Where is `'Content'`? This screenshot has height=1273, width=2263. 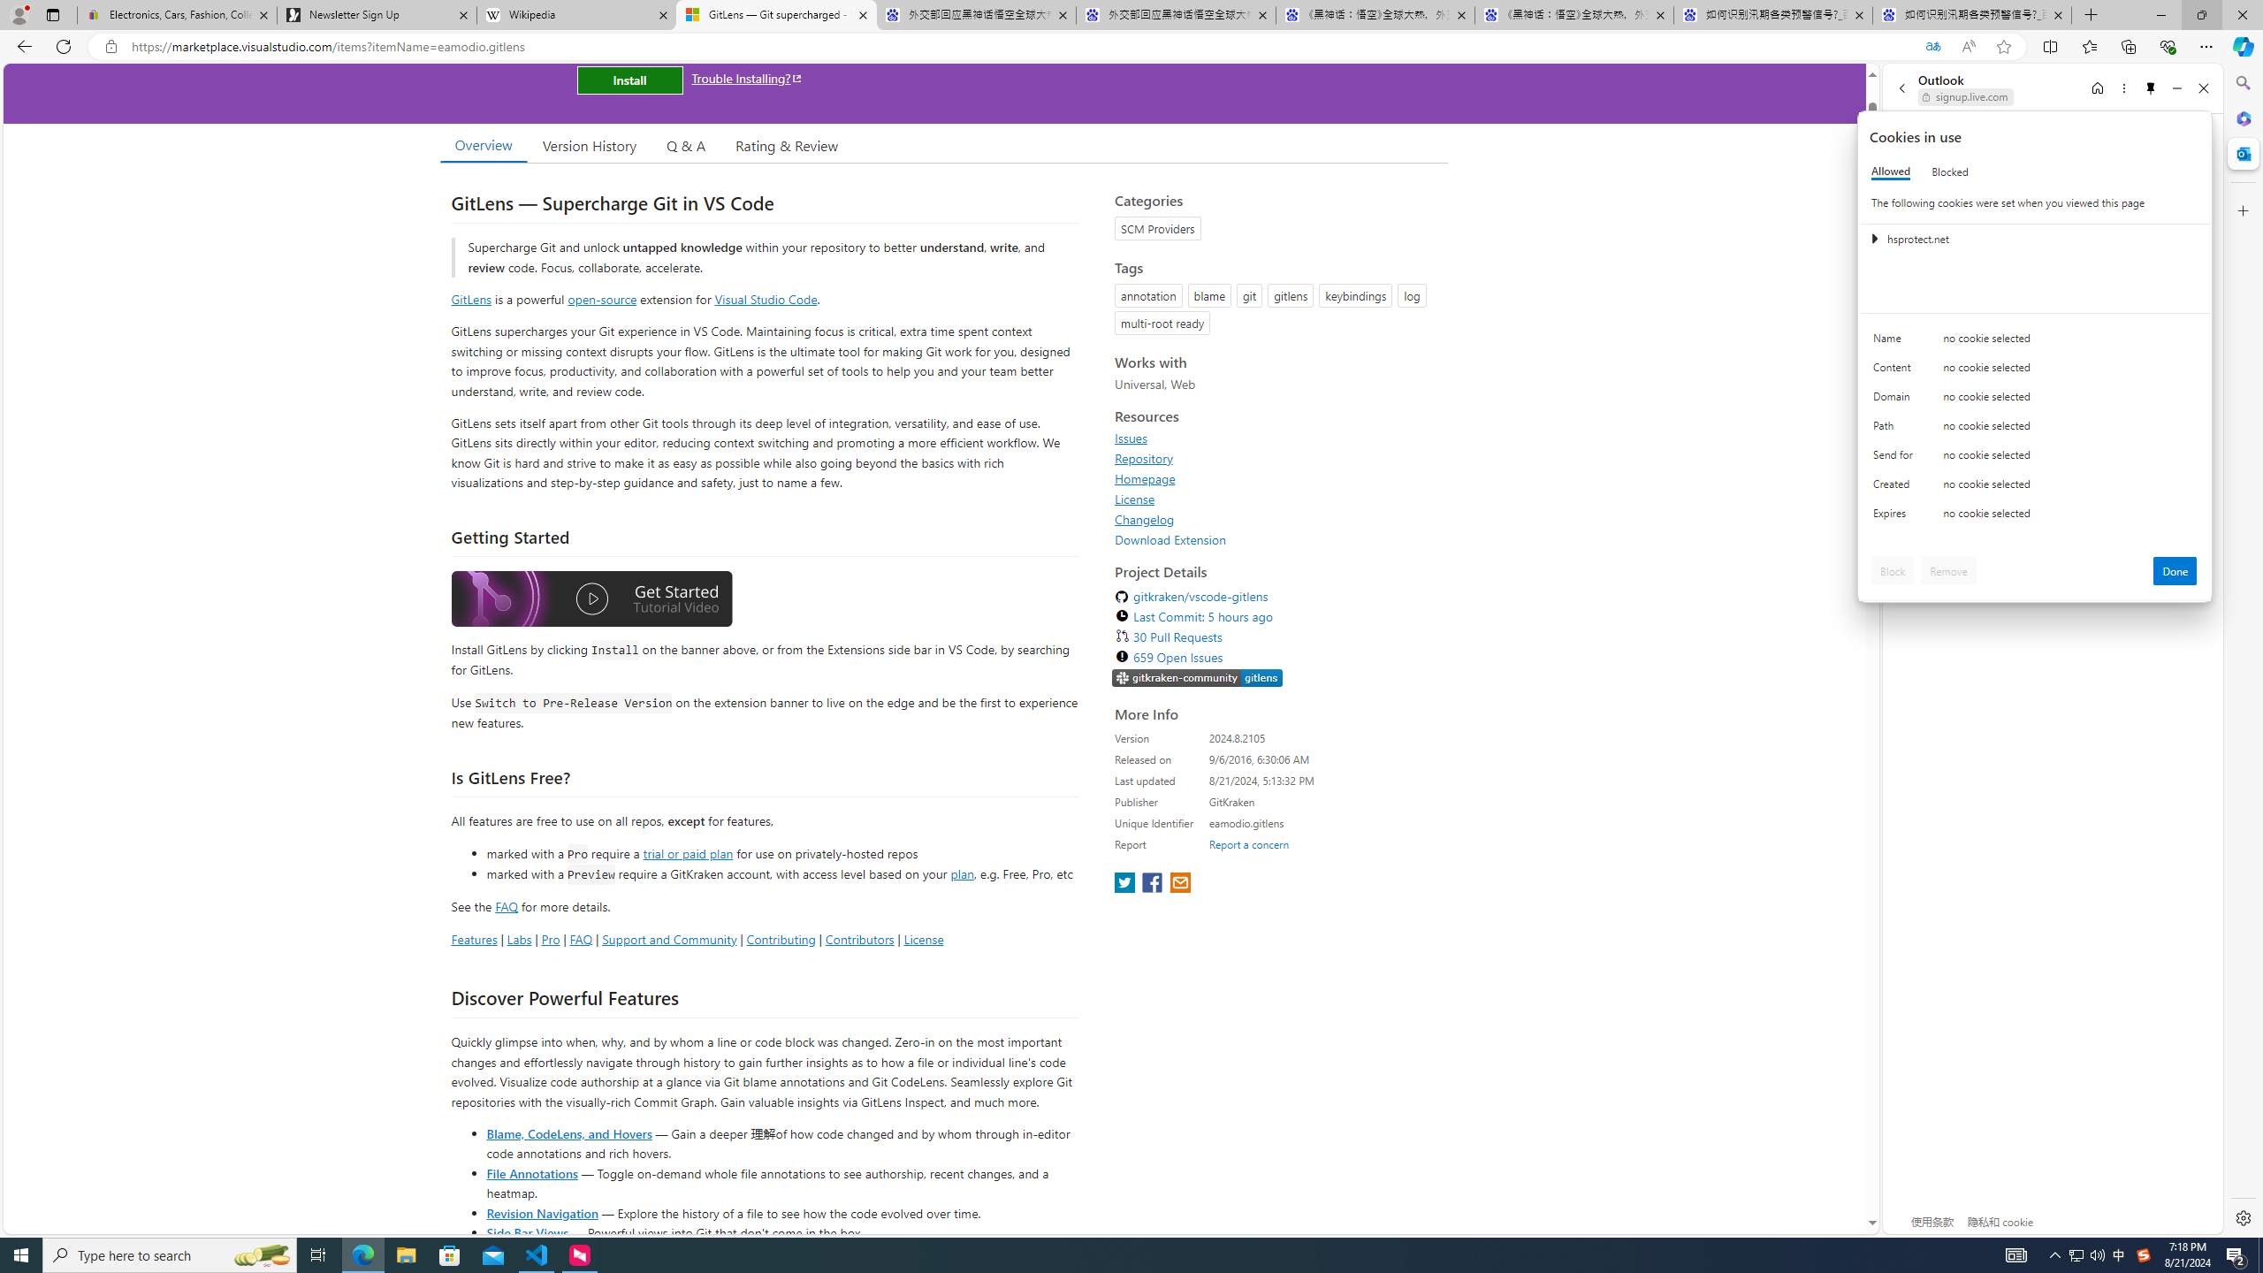 'Content' is located at coordinates (1895, 371).